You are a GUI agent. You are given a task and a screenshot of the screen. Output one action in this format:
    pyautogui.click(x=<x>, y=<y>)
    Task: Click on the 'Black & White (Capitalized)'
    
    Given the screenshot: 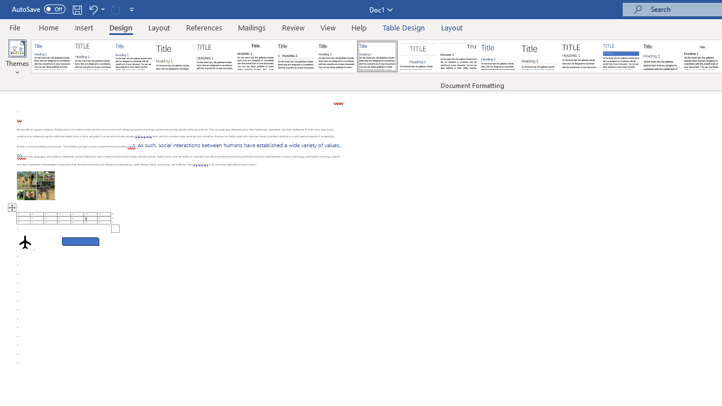 What is the action you would take?
    pyautogui.click(x=215, y=56)
    